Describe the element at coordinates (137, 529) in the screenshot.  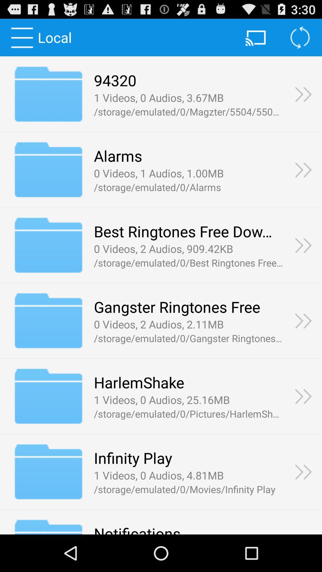
I see `notifications app` at that location.